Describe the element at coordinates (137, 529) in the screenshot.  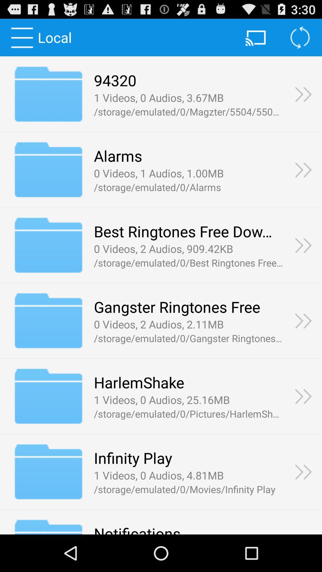
I see `notifications app` at that location.